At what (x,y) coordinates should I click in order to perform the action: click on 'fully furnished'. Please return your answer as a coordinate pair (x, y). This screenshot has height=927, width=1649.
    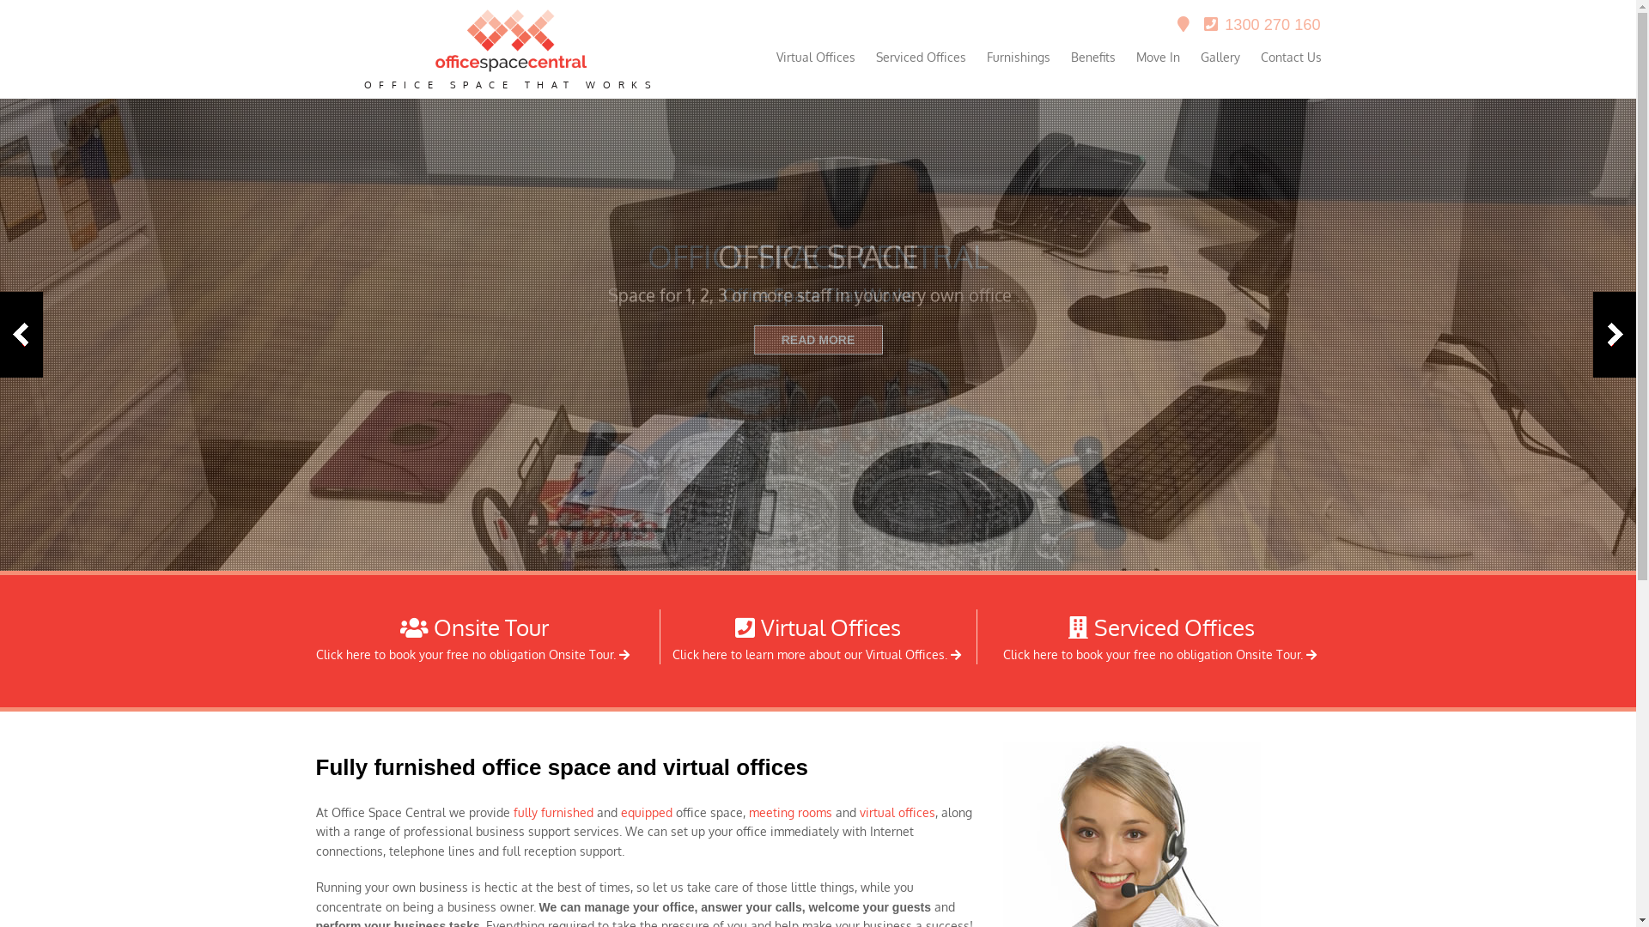
    Looking at the image, I should click on (553, 811).